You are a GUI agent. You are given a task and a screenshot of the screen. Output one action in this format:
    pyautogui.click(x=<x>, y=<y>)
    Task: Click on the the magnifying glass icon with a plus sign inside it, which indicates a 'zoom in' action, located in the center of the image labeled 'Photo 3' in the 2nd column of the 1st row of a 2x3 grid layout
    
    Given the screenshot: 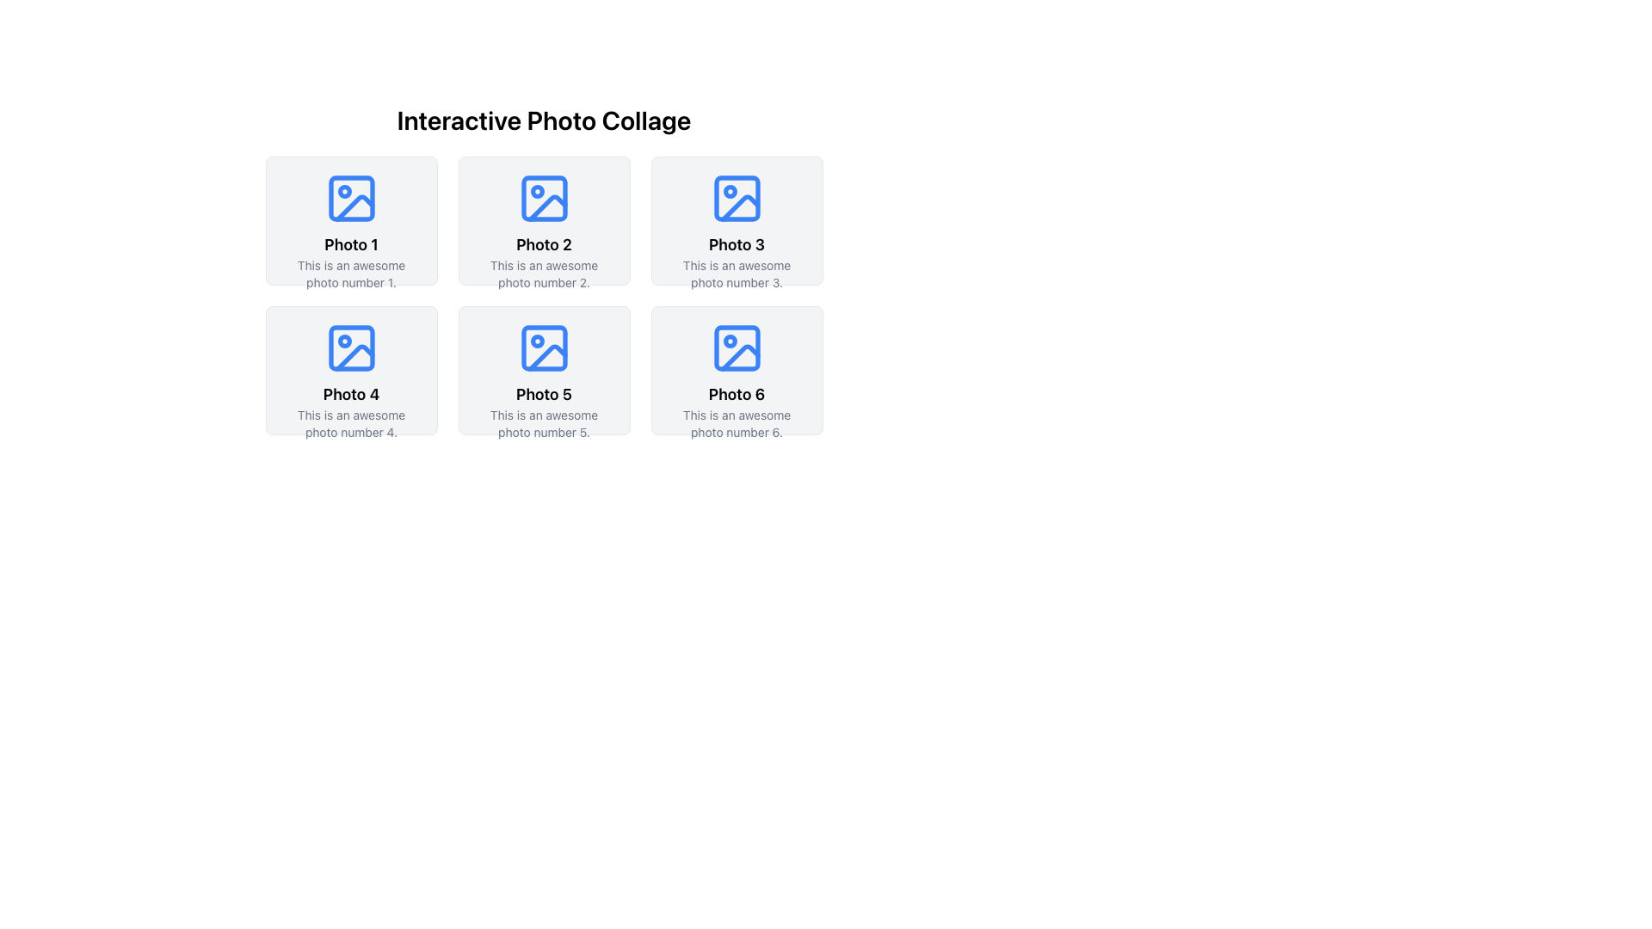 What is the action you would take?
    pyautogui.click(x=737, y=220)
    